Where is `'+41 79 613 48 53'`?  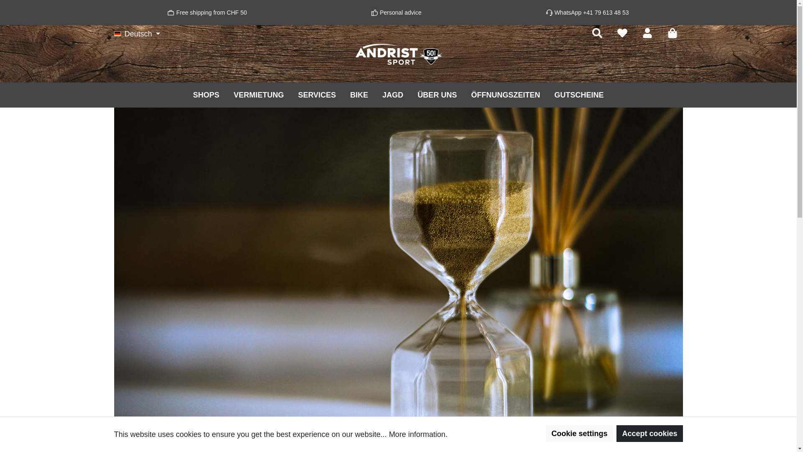 '+41 79 613 48 53' is located at coordinates (606, 13).